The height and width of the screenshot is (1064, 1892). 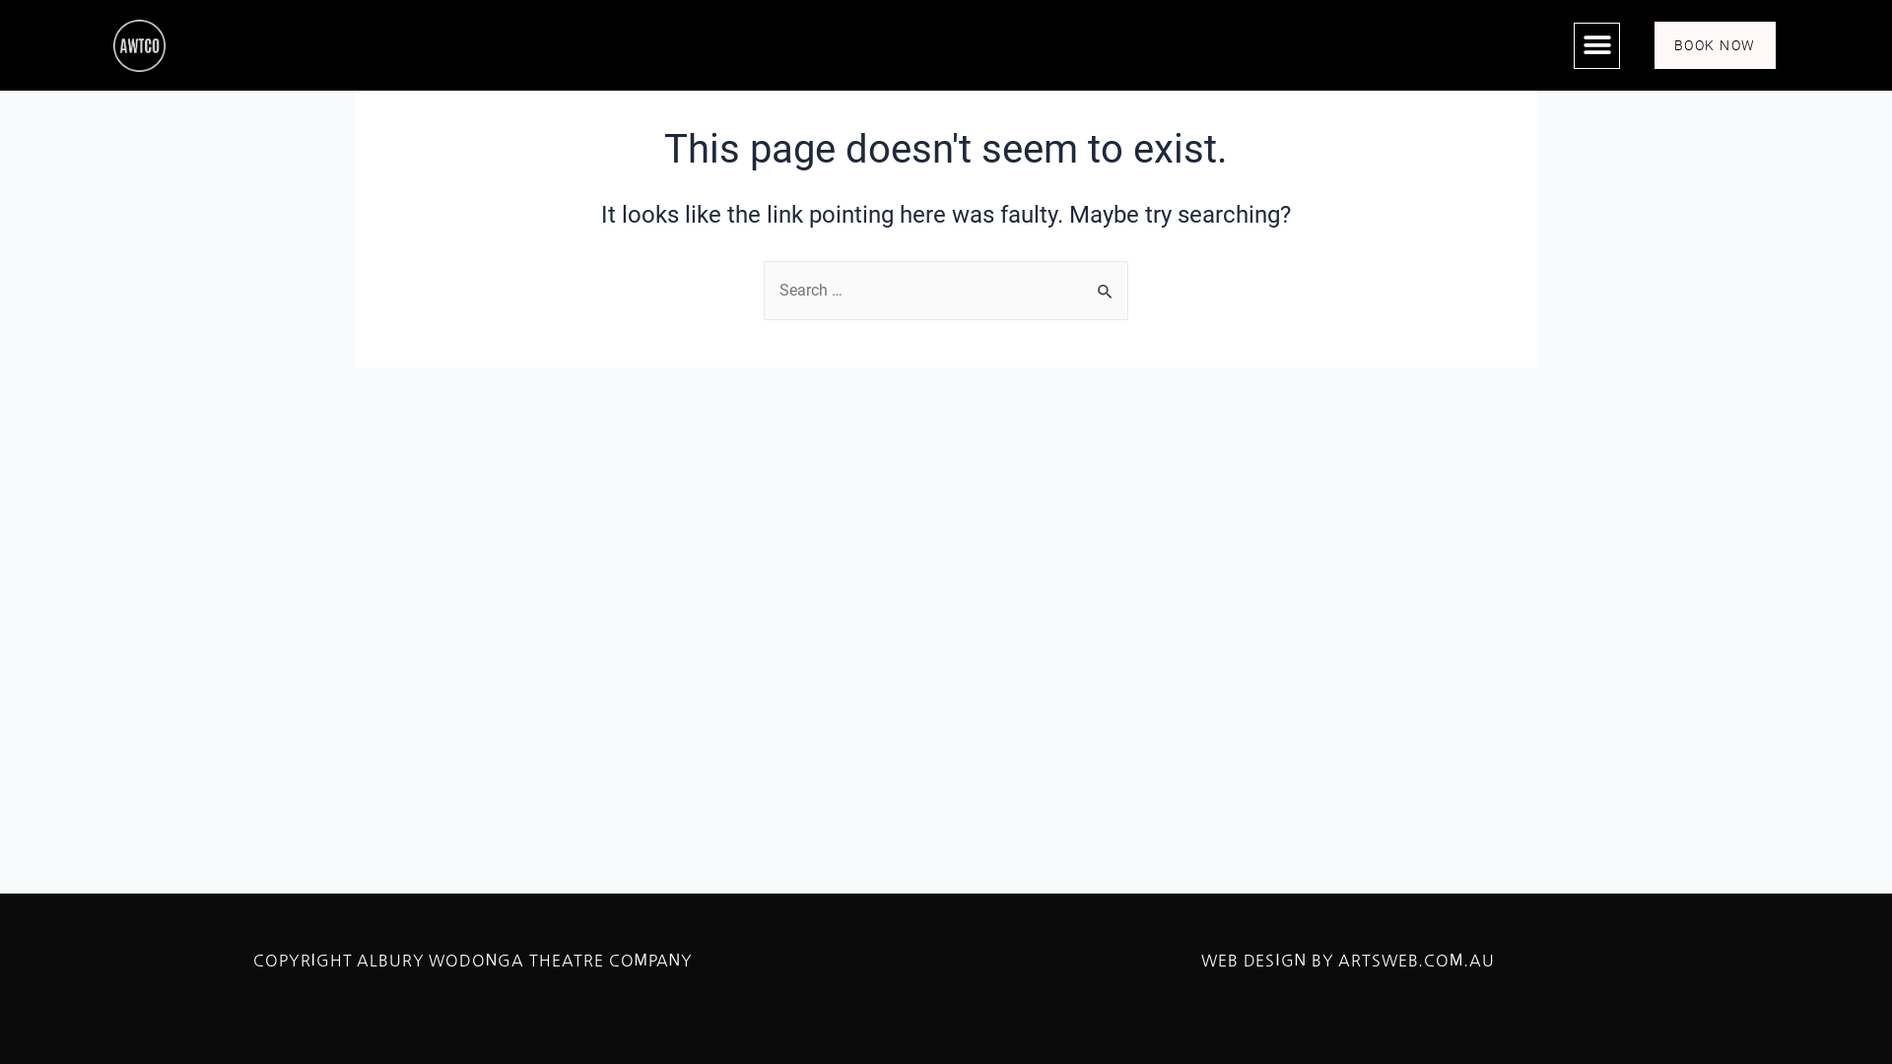 I want to click on 'BOOK NOW', so click(x=1714, y=44).